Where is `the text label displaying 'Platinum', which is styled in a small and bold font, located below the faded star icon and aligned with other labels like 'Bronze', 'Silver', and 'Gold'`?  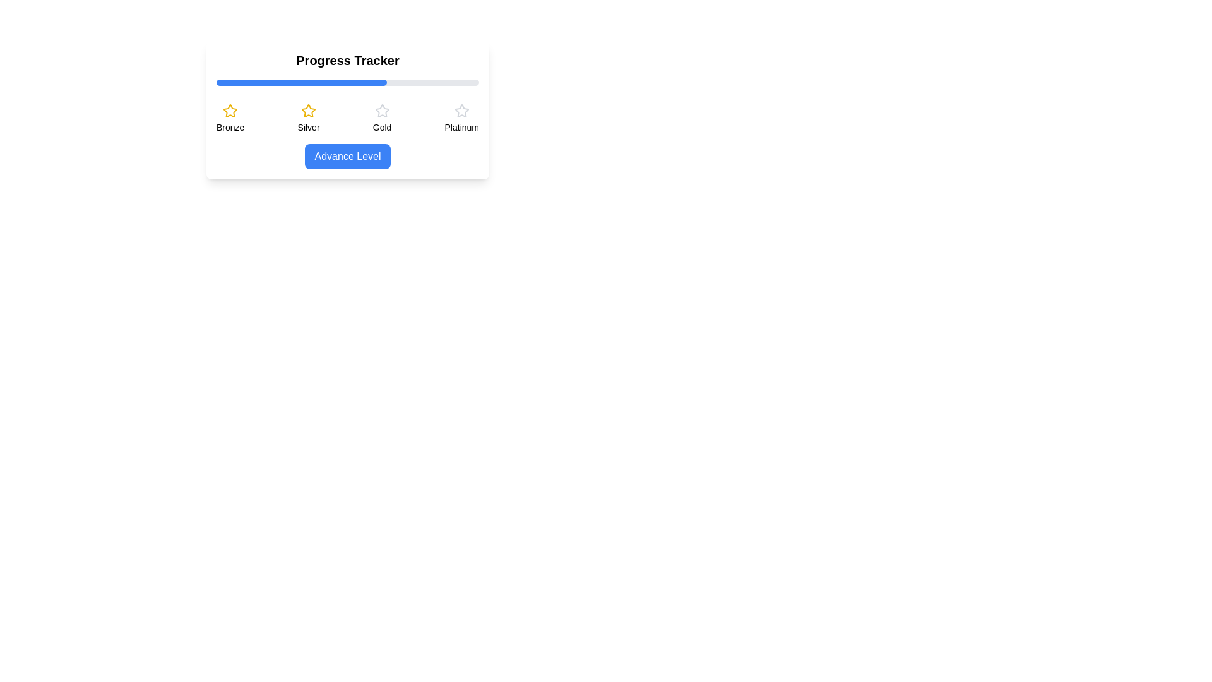
the text label displaying 'Platinum', which is styled in a small and bold font, located below the faded star icon and aligned with other labels like 'Bronze', 'Silver', and 'Gold' is located at coordinates (461, 127).